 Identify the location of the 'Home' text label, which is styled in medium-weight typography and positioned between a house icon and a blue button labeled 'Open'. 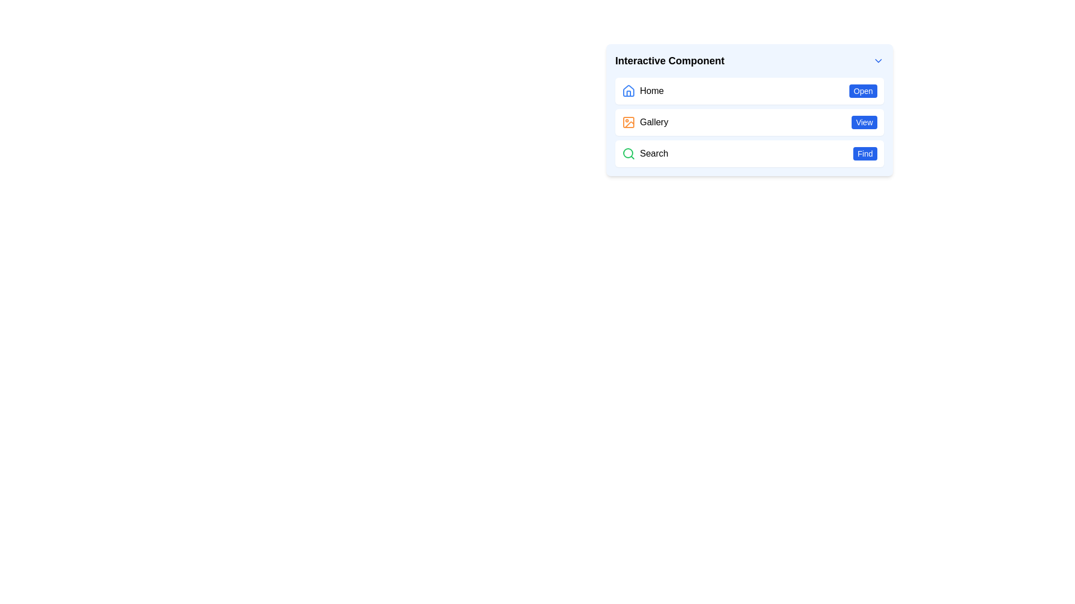
(652, 90).